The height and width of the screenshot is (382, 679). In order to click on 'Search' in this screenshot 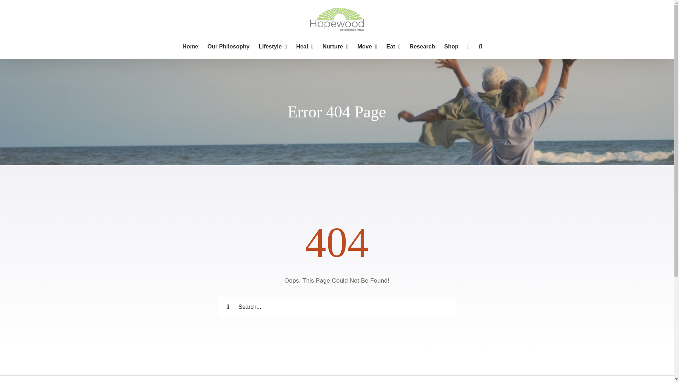, I will do `click(480, 46)`.